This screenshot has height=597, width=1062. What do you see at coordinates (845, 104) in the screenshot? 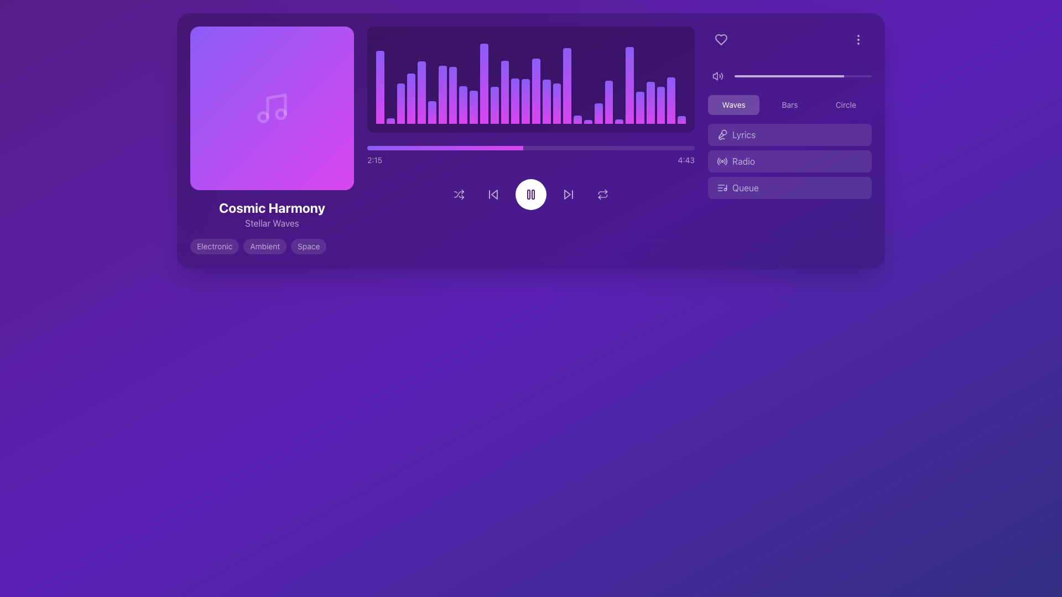
I see `the 'Circle' button, which is the third button in a horizontally aligned set labeled 'Waves', 'Bars', and 'Circle'` at bounding box center [845, 104].